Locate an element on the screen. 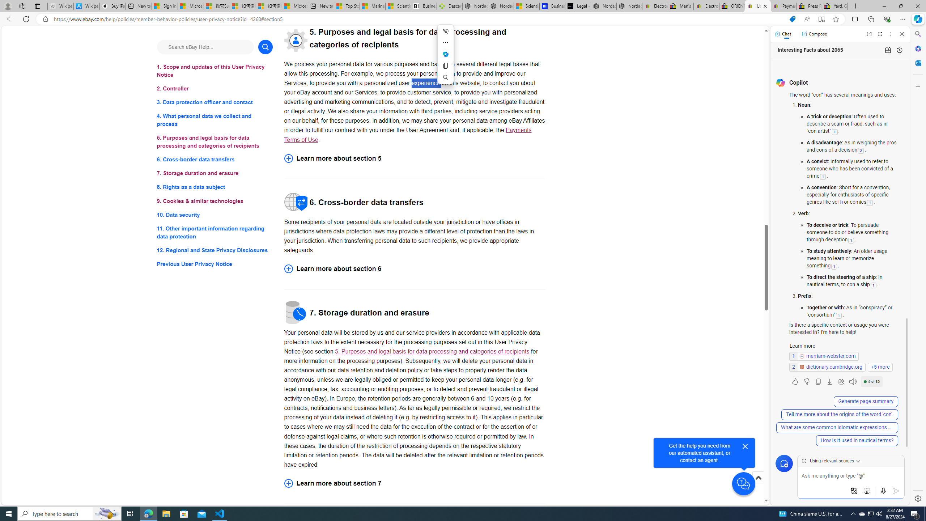 Image resolution: width=926 pixels, height=521 pixels. '11. Other important information regarding data protection' is located at coordinates (214, 232).